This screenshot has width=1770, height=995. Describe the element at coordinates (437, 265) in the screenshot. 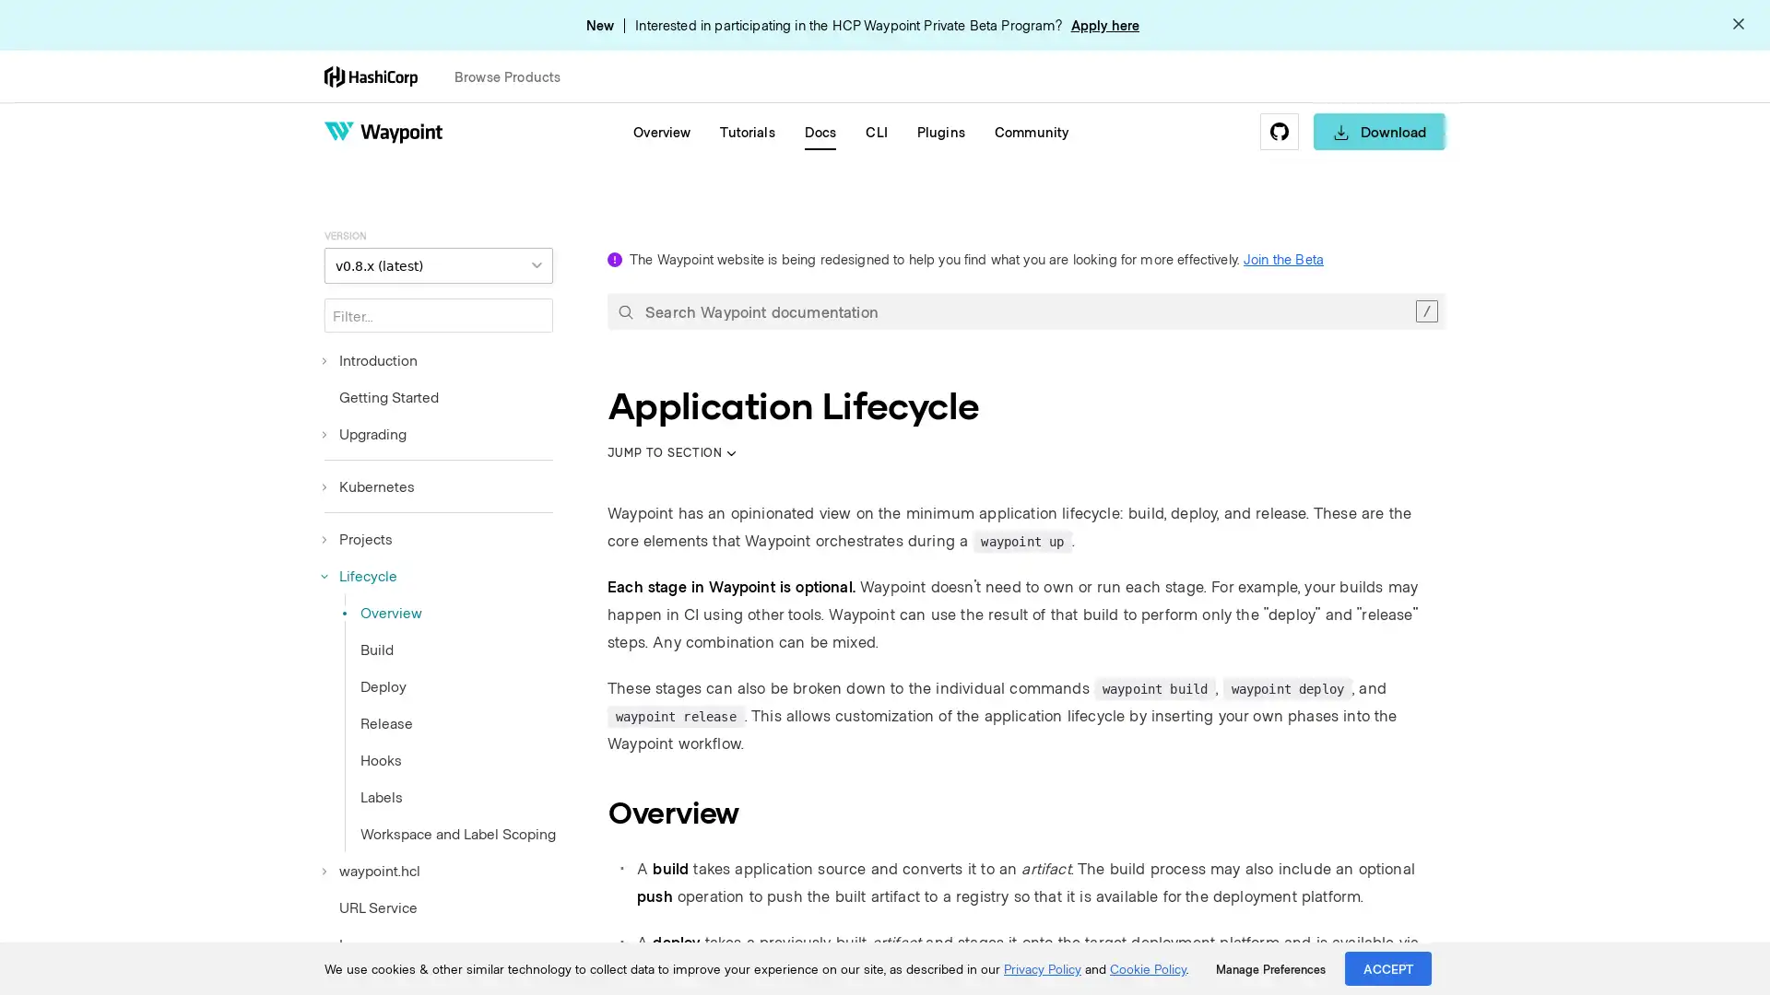

I see `VERSION` at that location.